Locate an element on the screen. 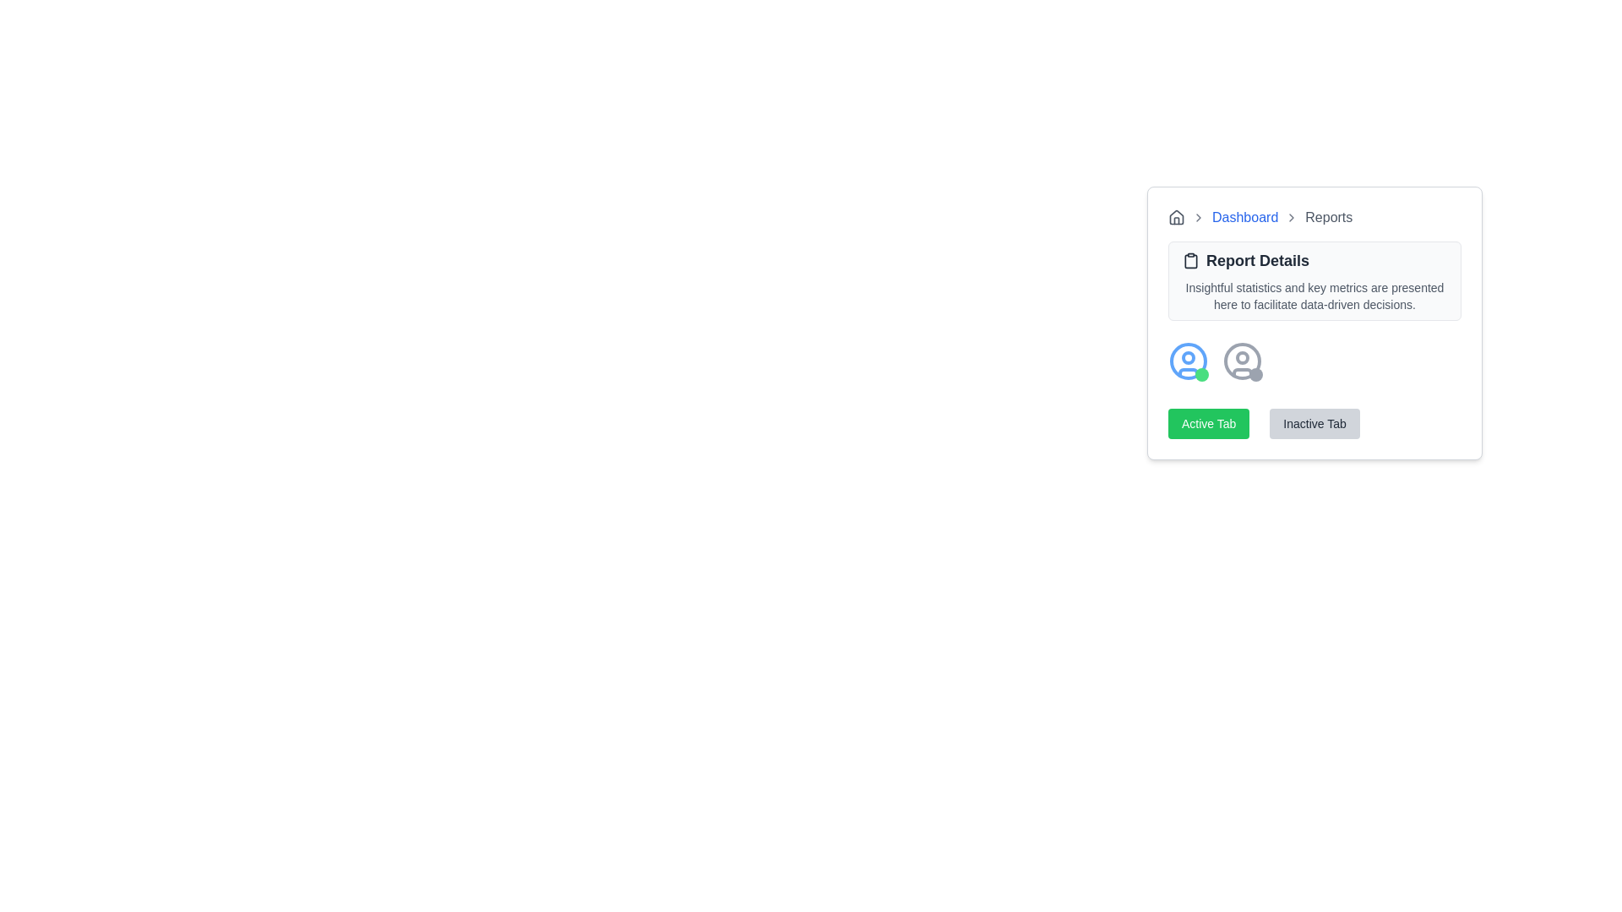  the clipboard icon located to the left of the 'Report Details' text in the heading section of the card layout is located at coordinates (1190, 260).